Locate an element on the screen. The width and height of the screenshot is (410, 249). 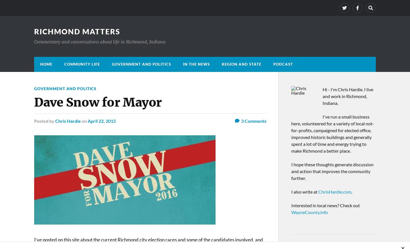
'Chris Hardie' is located at coordinates (55, 121).